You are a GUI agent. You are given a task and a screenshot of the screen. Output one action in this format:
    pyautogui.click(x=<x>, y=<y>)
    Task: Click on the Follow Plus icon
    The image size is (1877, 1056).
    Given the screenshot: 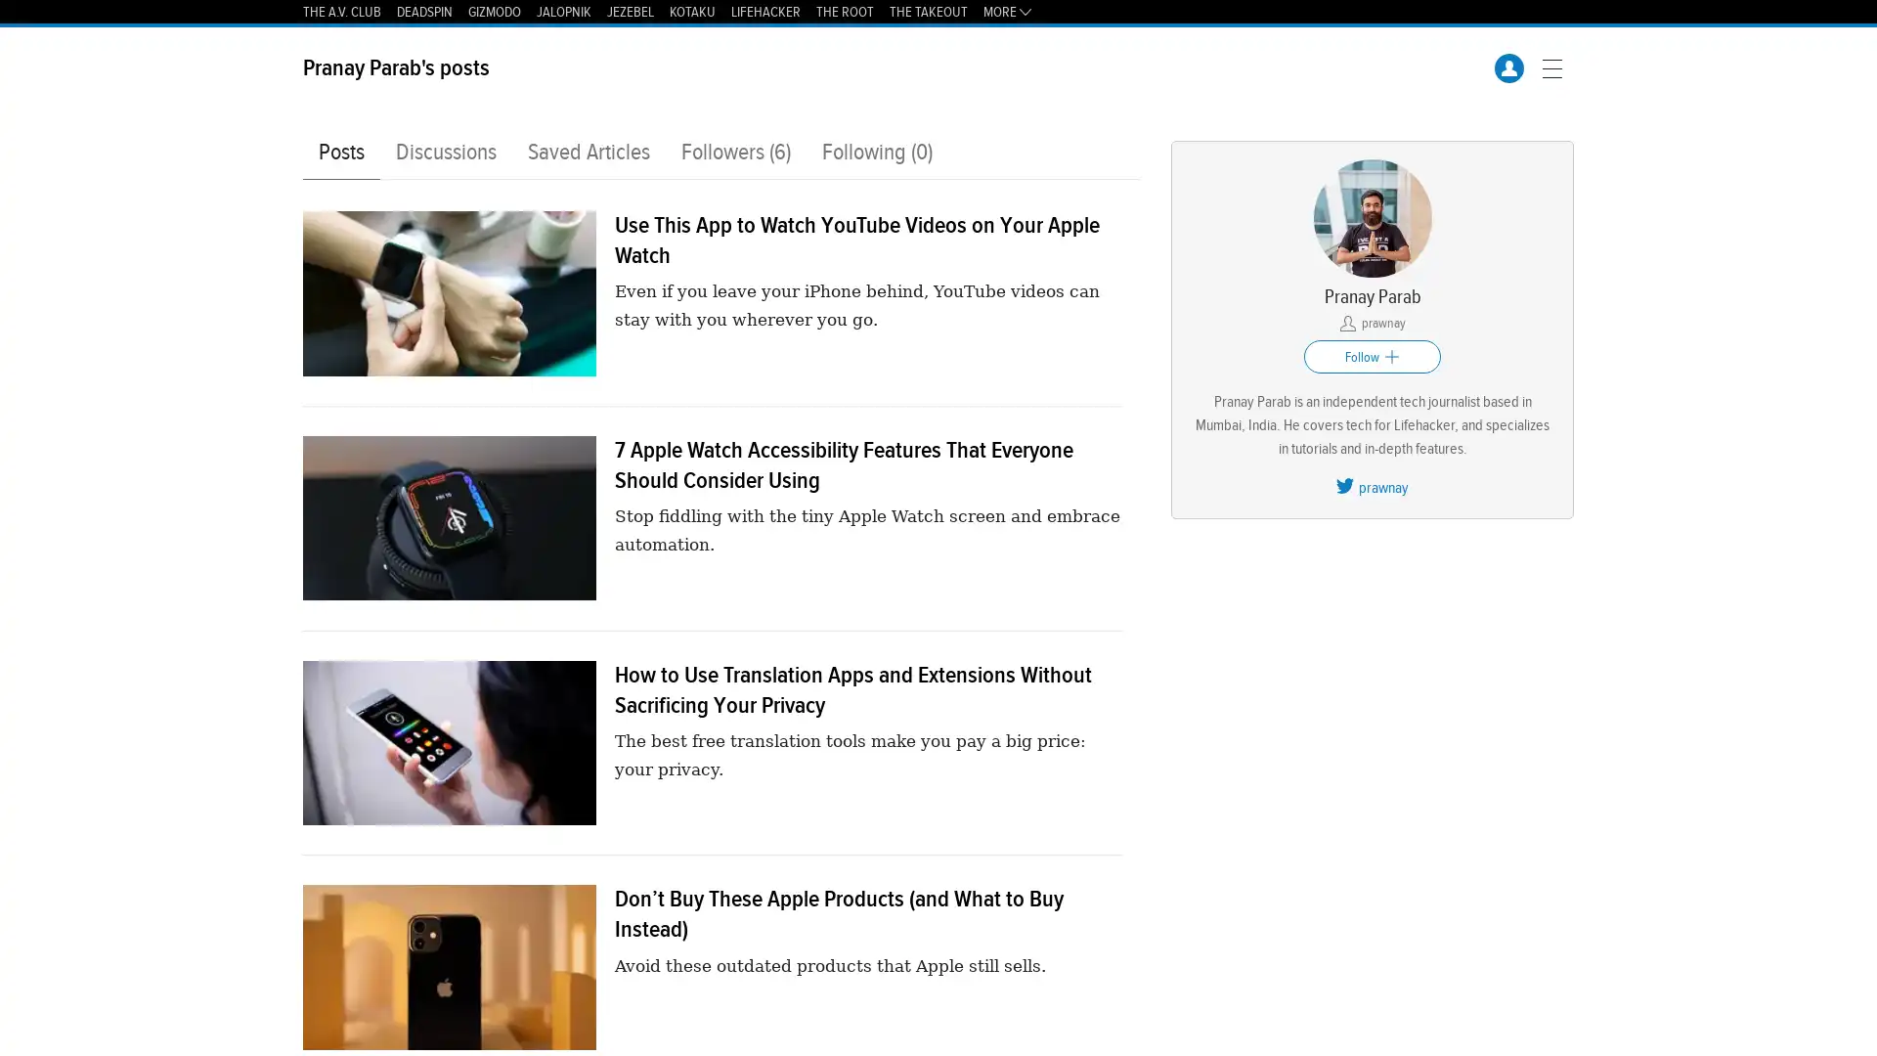 What is the action you would take?
    pyautogui.click(x=1371, y=357)
    